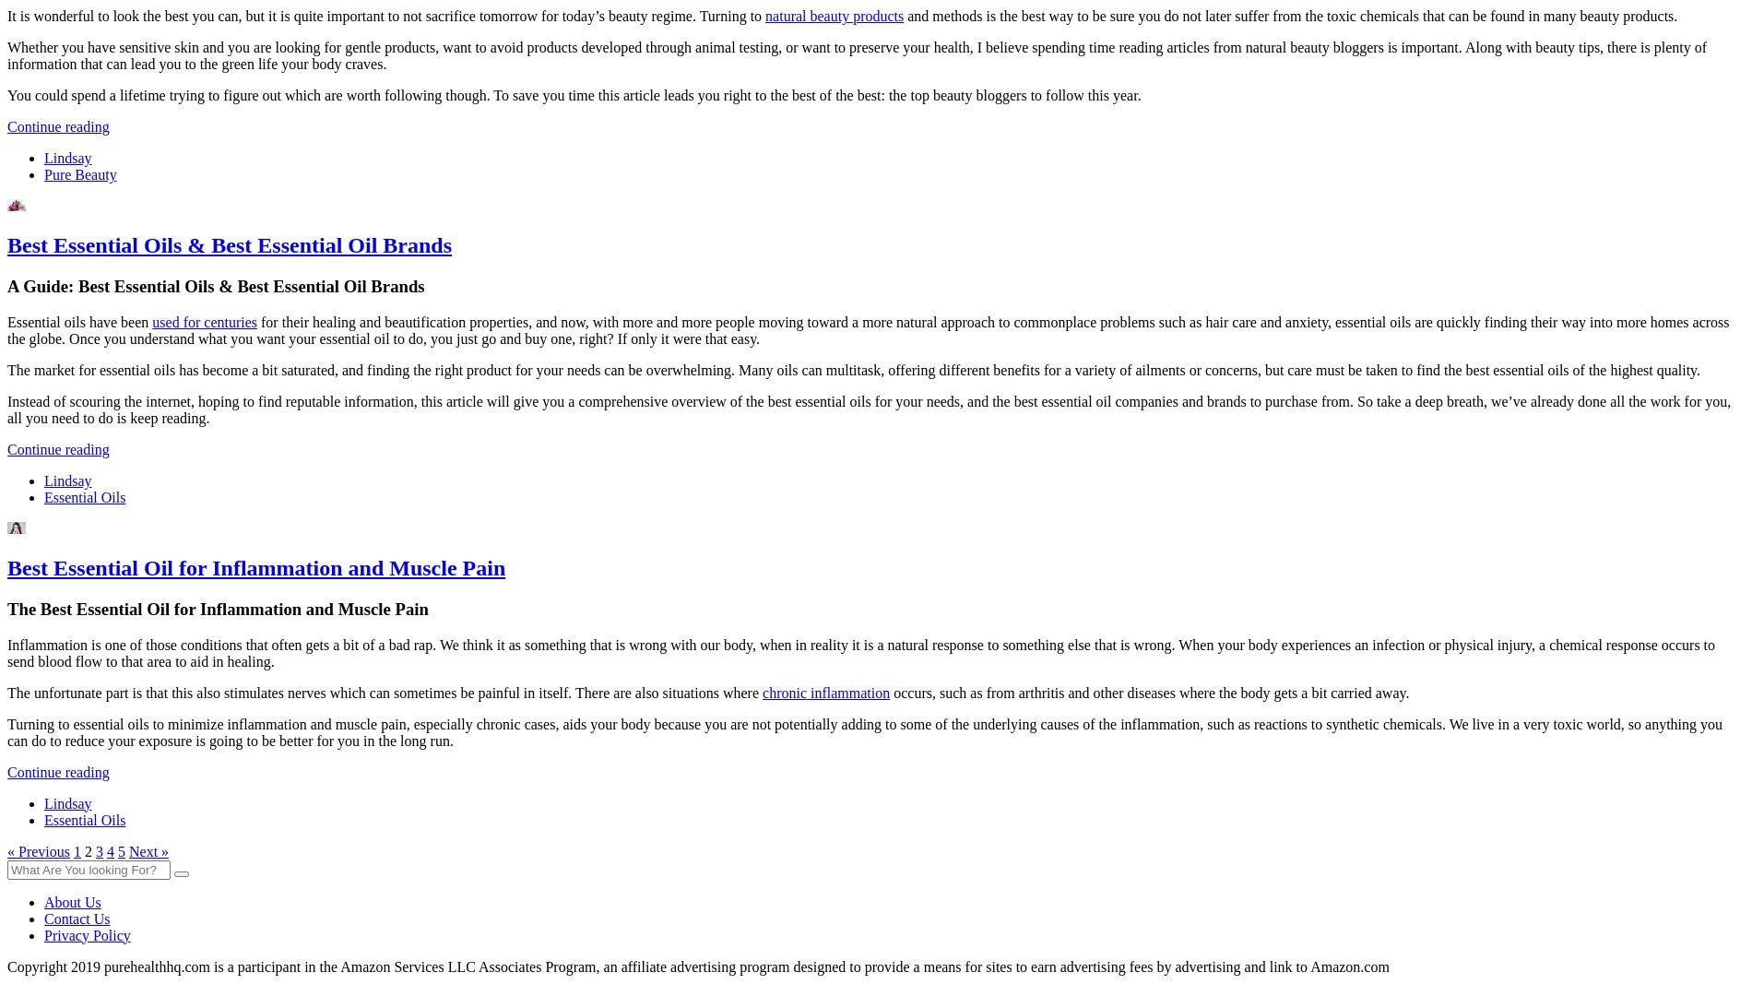 This screenshot has height=984, width=1752. Describe the element at coordinates (217, 608) in the screenshot. I see `'The Best Essential Oil for Inflammation and Muscle Pain'` at that location.